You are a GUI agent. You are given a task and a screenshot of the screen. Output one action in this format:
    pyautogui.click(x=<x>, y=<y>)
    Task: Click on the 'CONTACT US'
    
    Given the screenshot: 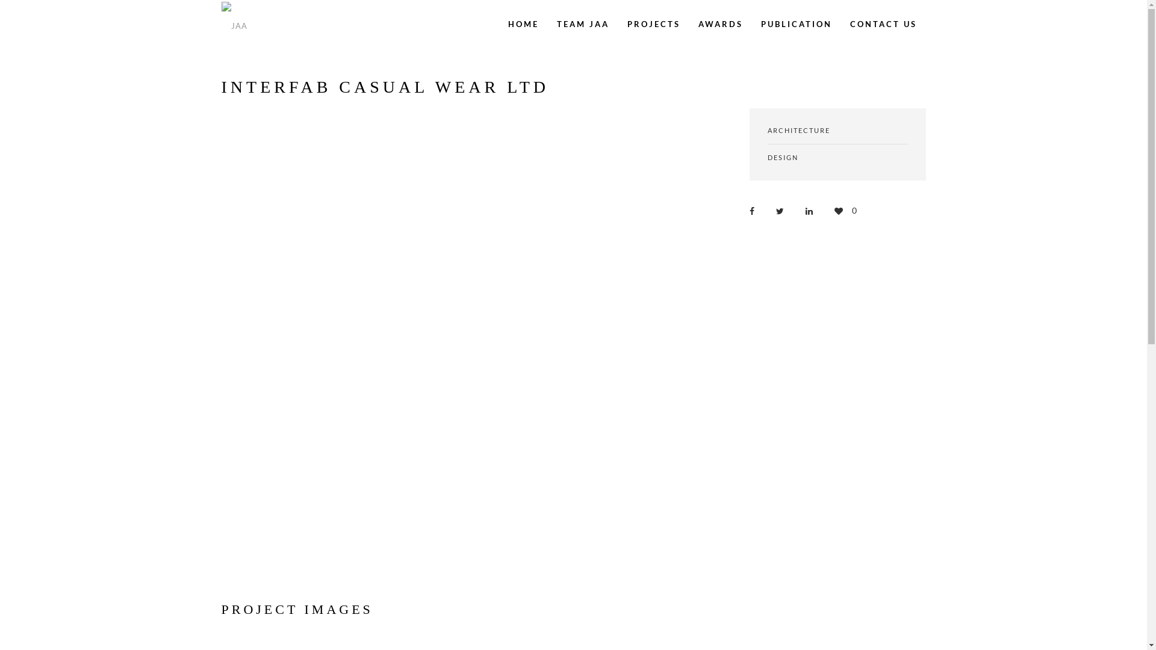 What is the action you would take?
    pyautogui.click(x=883, y=23)
    